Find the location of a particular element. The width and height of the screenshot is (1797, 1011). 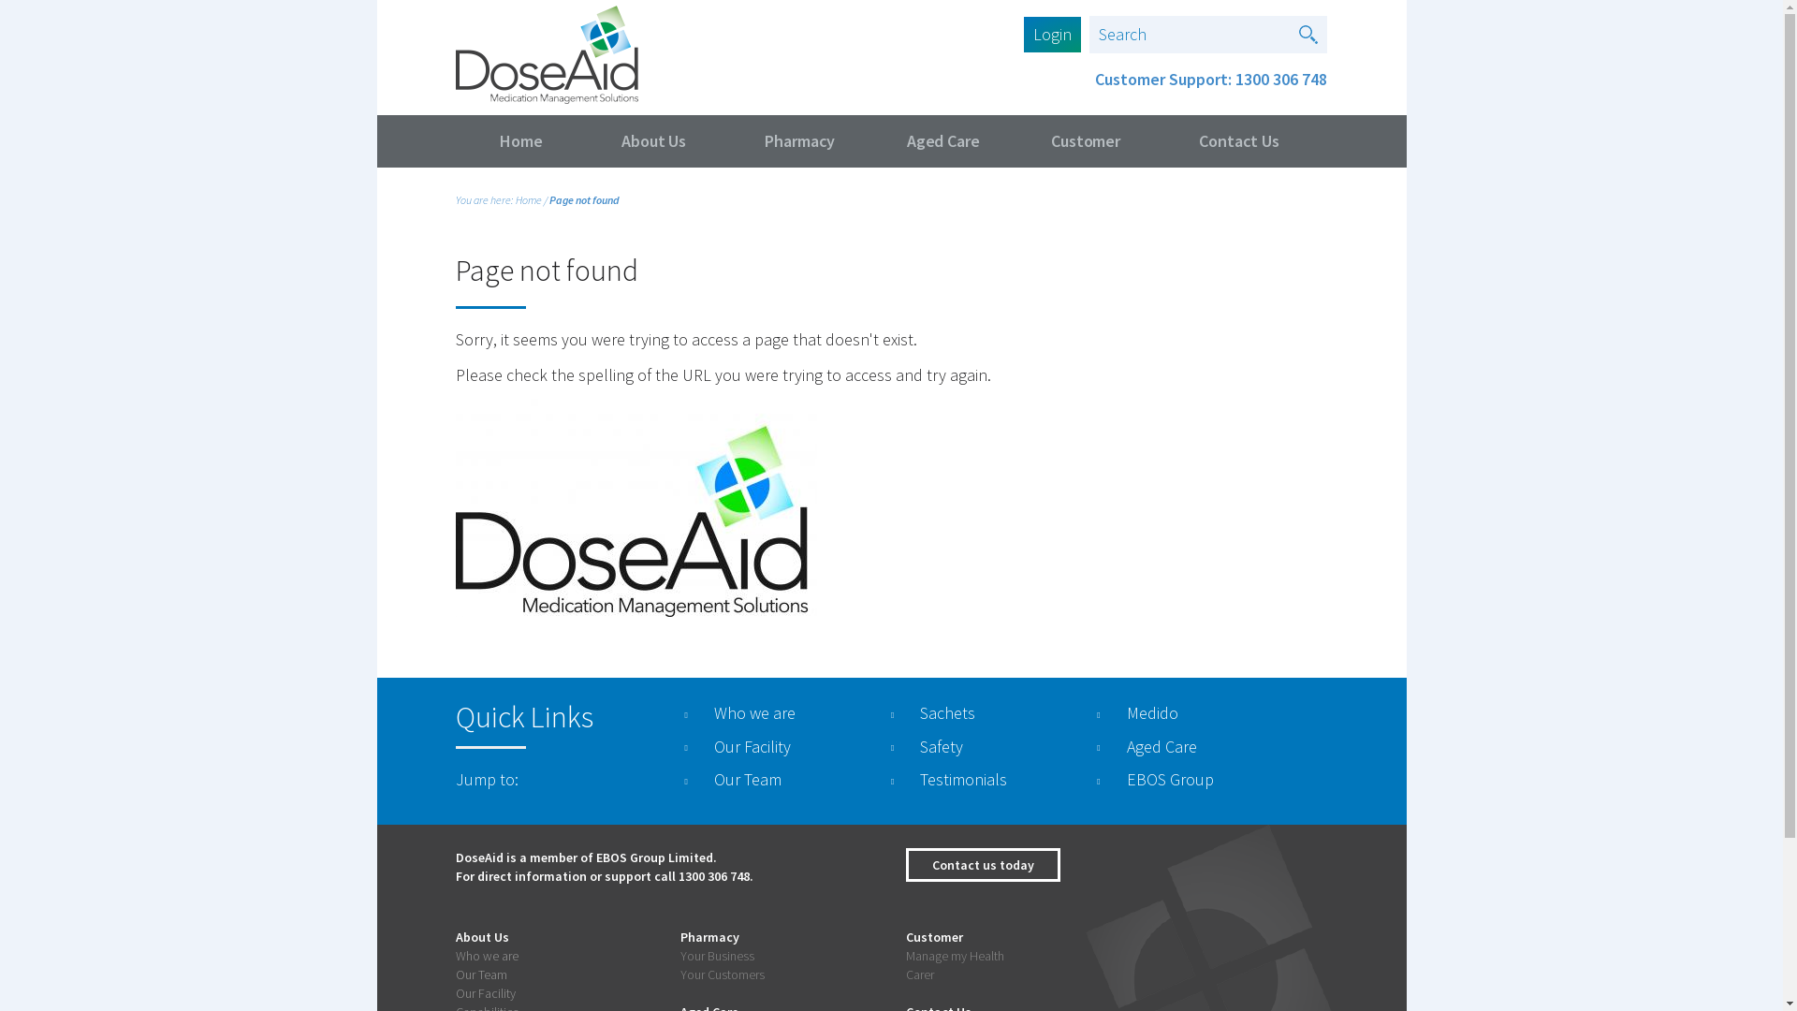

'Home' is located at coordinates (528, 199).